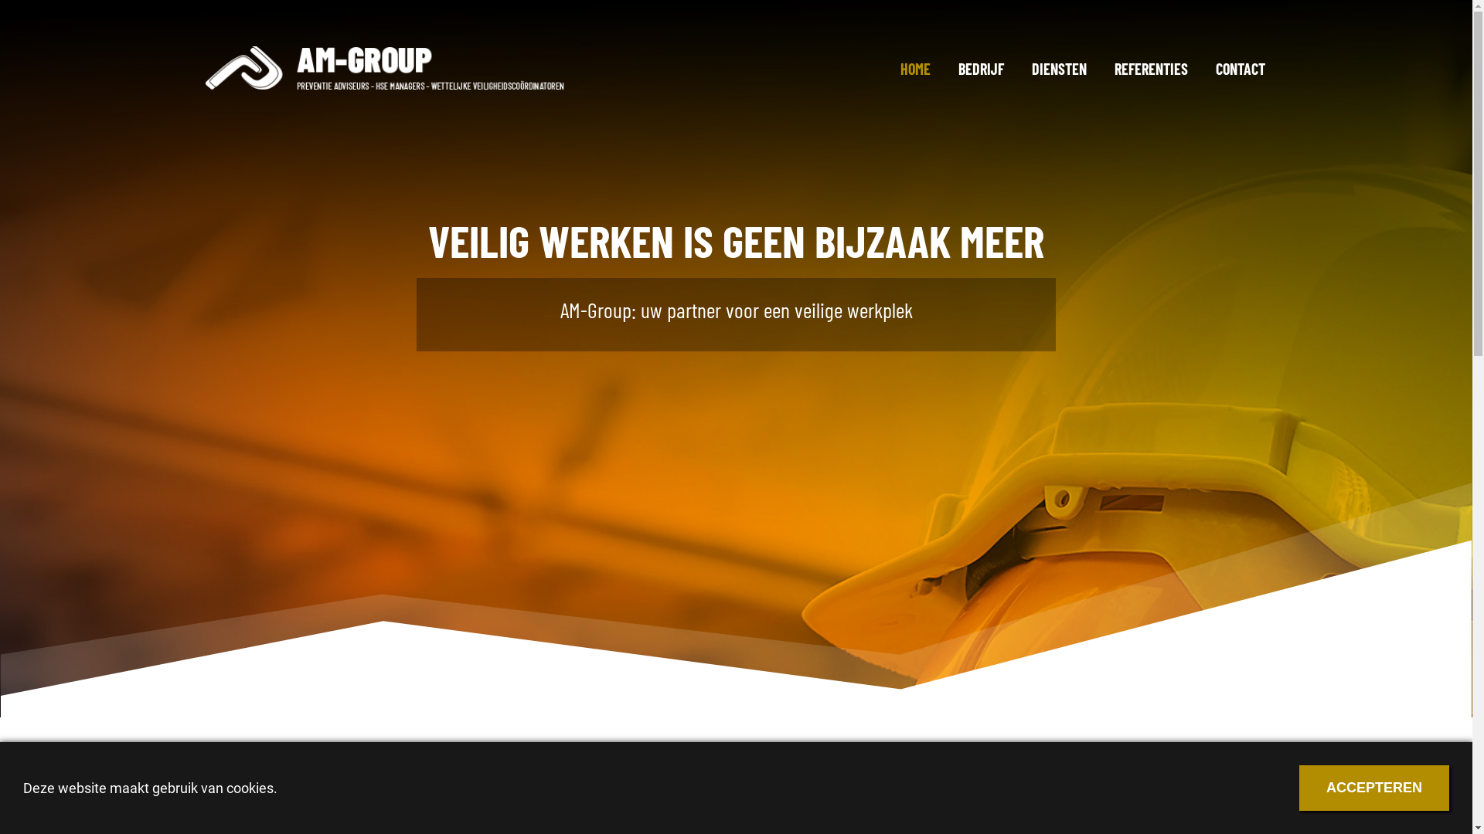 The height and width of the screenshot is (834, 1484). I want to click on 'REFERENTIES', so click(1101, 67).